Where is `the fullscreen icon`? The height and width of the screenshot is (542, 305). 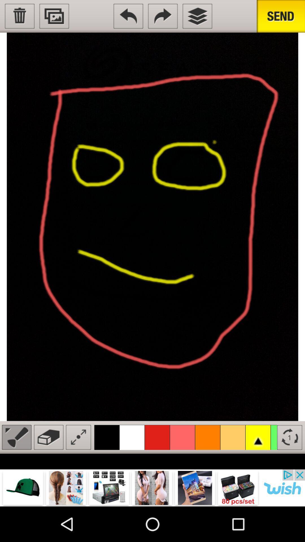 the fullscreen icon is located at coordinates (78, 437).